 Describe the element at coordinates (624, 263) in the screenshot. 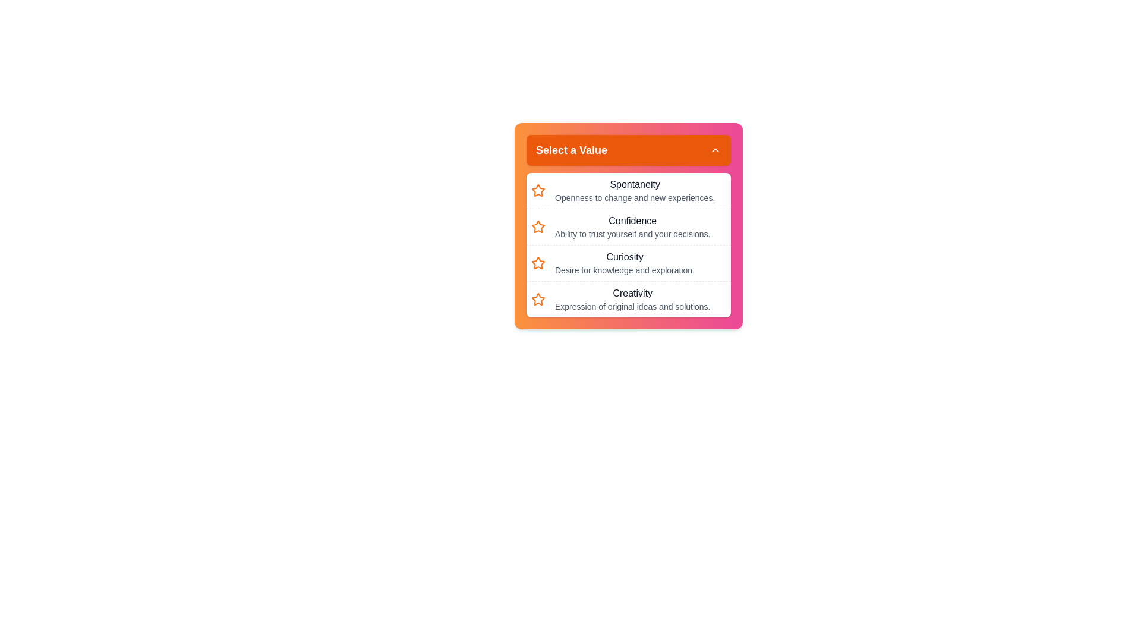

I see `the third selectable list item containing the text 'Curiosity' to trigger a visual indication of focus` at that location.